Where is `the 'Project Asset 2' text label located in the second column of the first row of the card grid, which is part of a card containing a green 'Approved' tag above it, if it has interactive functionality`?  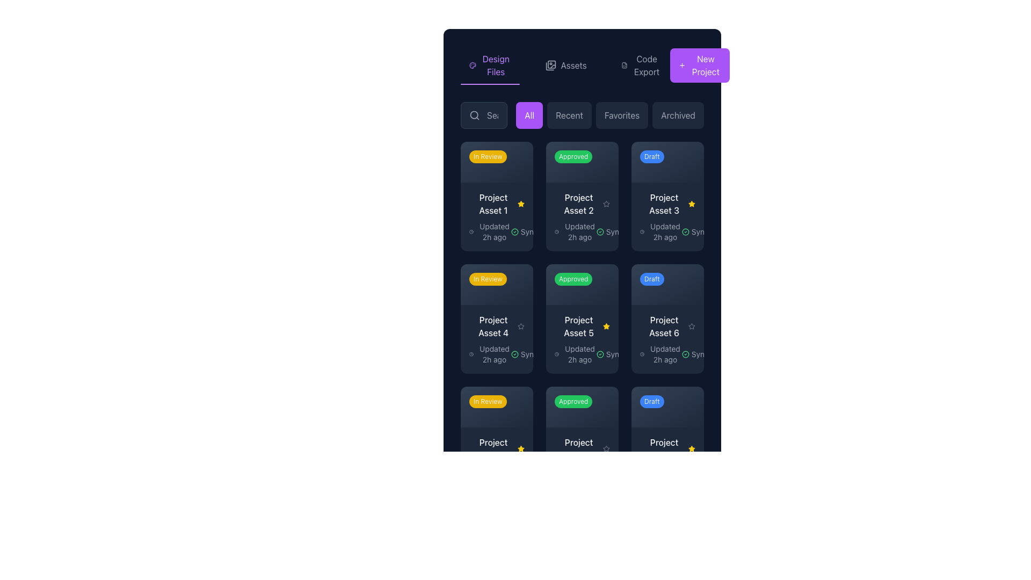 the 'Project Asset 2' text label located in the second column of the first row of the card grid, which is part of a card containing a green 'Approved' tag above it, if it has interactive functionality is located at coordinates (578, 204).